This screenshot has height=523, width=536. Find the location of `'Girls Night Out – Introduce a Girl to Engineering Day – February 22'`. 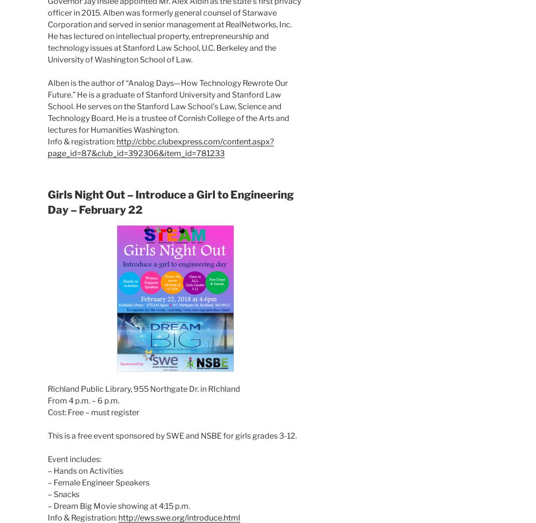

'Girls Night Out – Introduce a Girl to Engineering Day – February 22' is located at coordinates (171, 201).